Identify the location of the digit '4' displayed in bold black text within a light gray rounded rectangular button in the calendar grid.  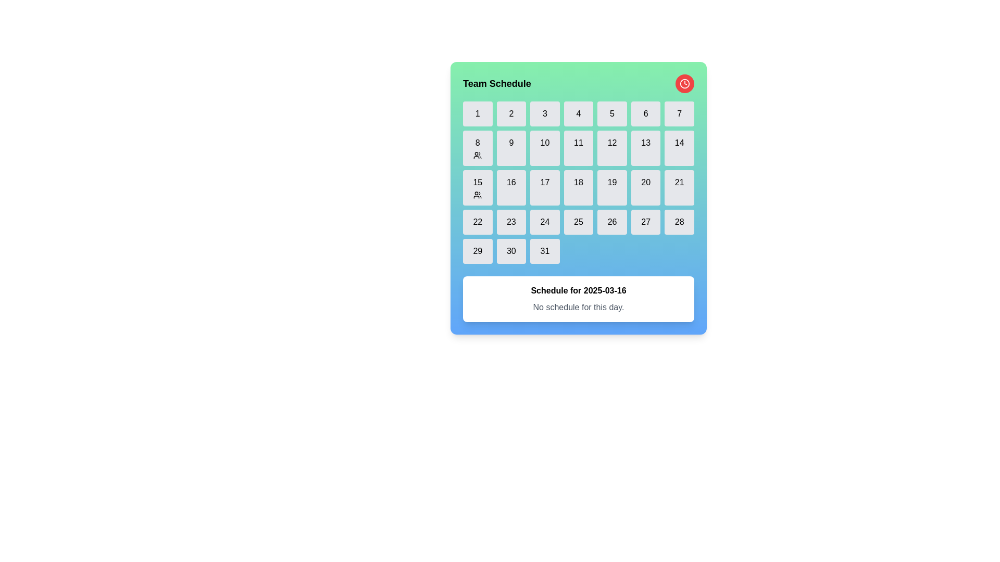
(578, 114).